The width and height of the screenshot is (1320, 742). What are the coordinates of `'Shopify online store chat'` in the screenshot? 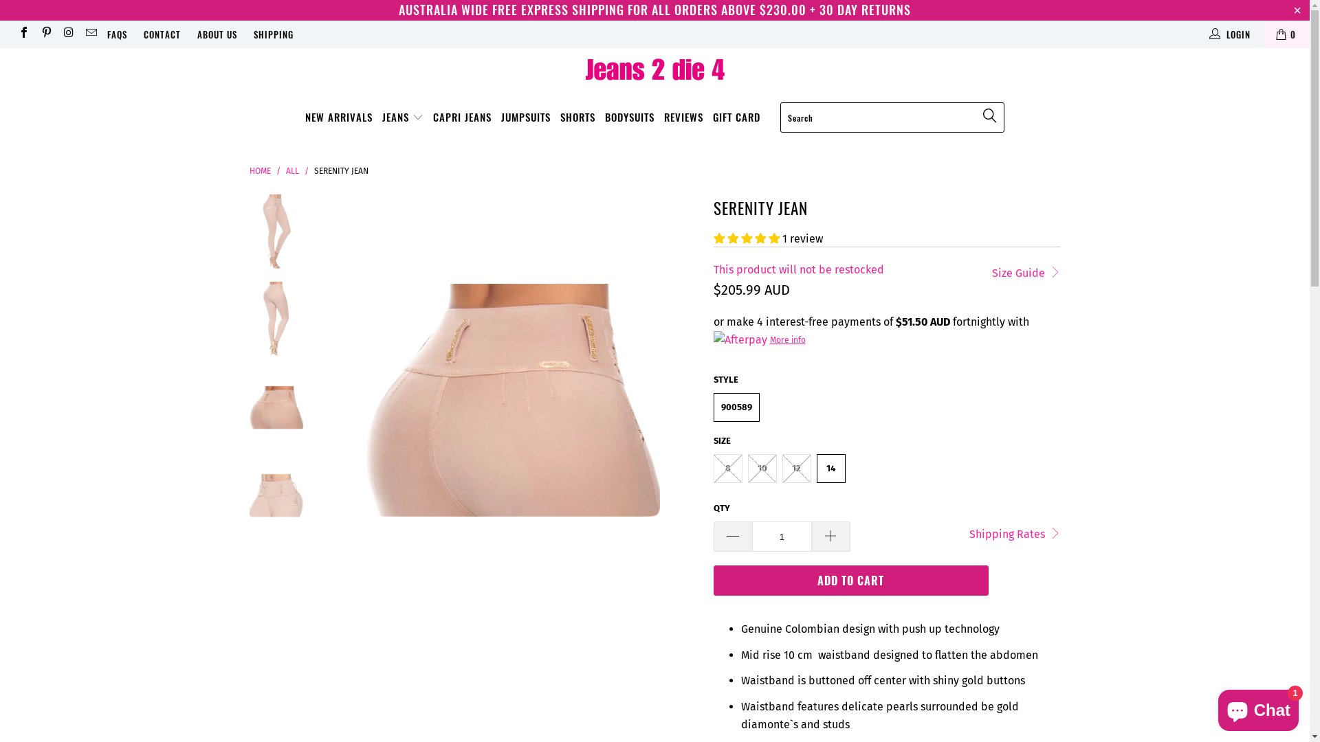 It's located at (1258, 707).